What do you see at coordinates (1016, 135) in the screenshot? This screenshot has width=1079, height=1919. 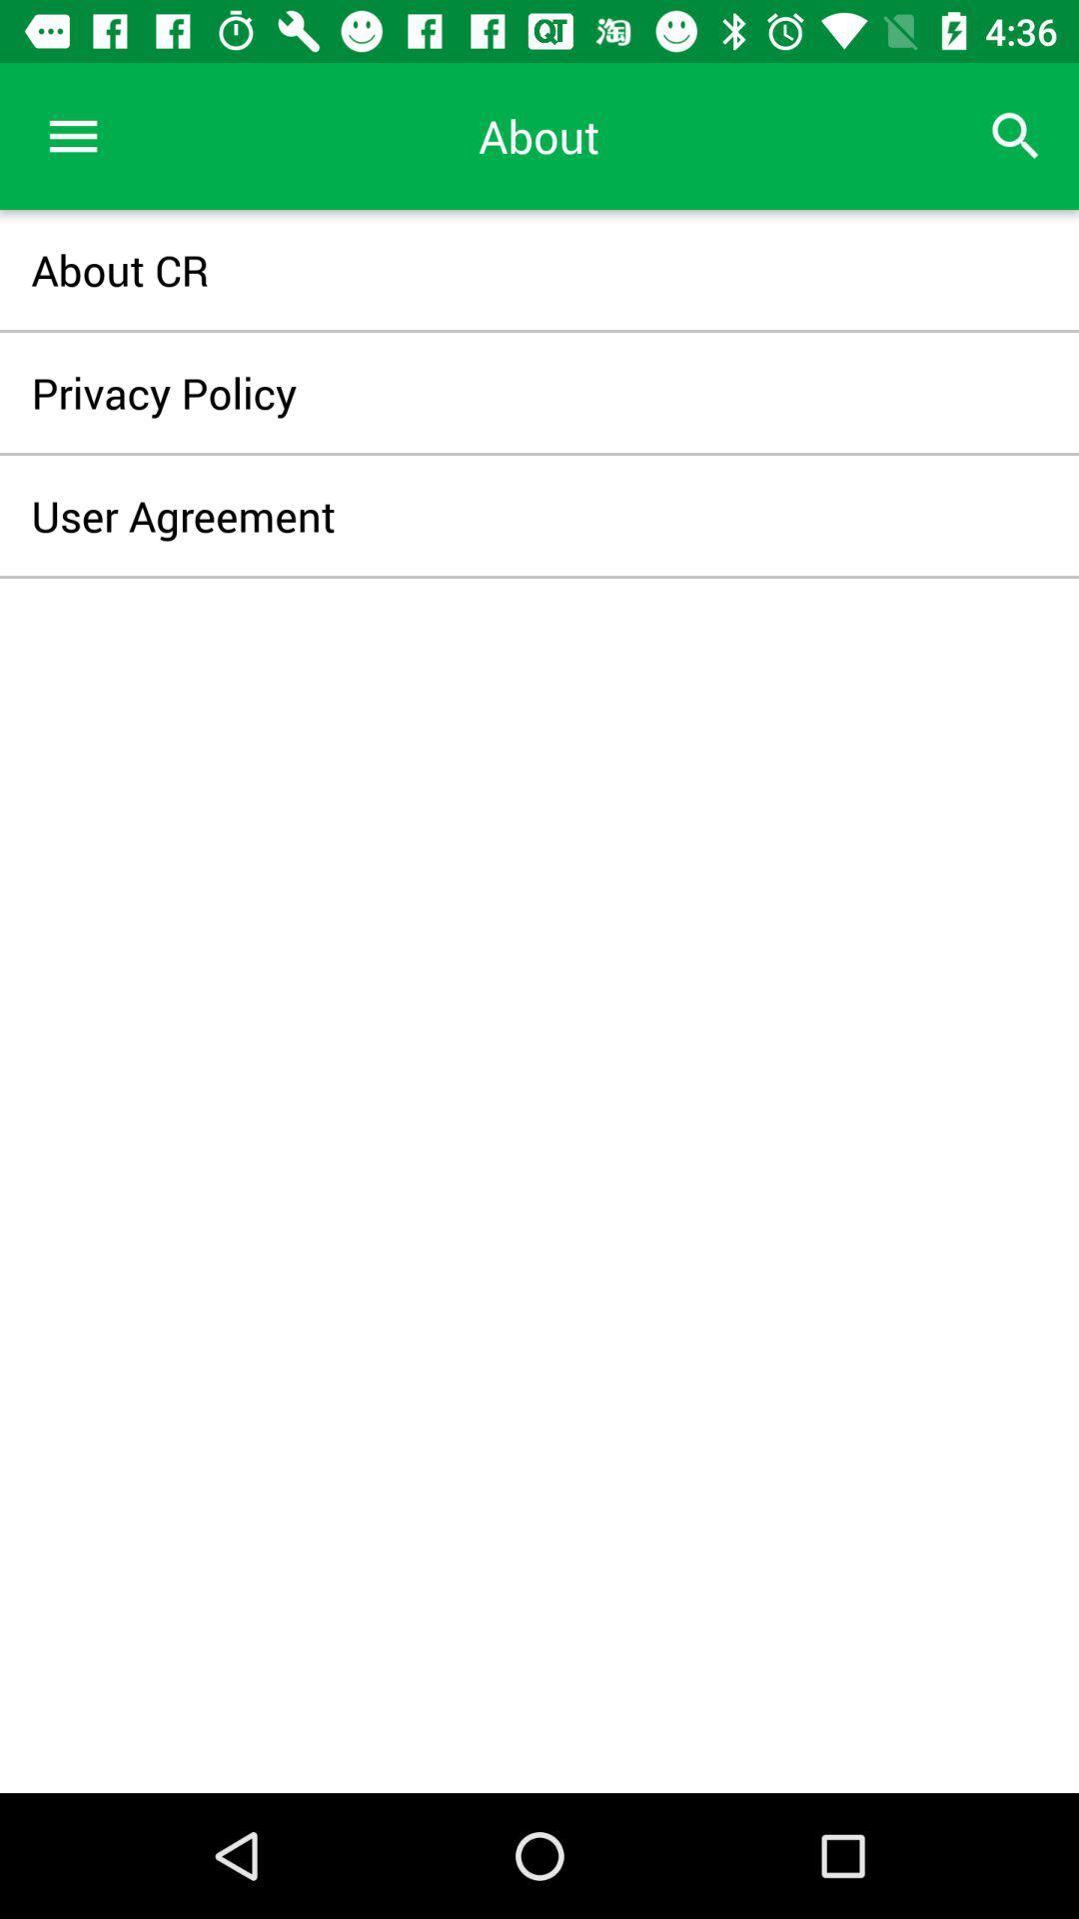 I see `the icon next to about icon` at bounding box center [1016, 135].